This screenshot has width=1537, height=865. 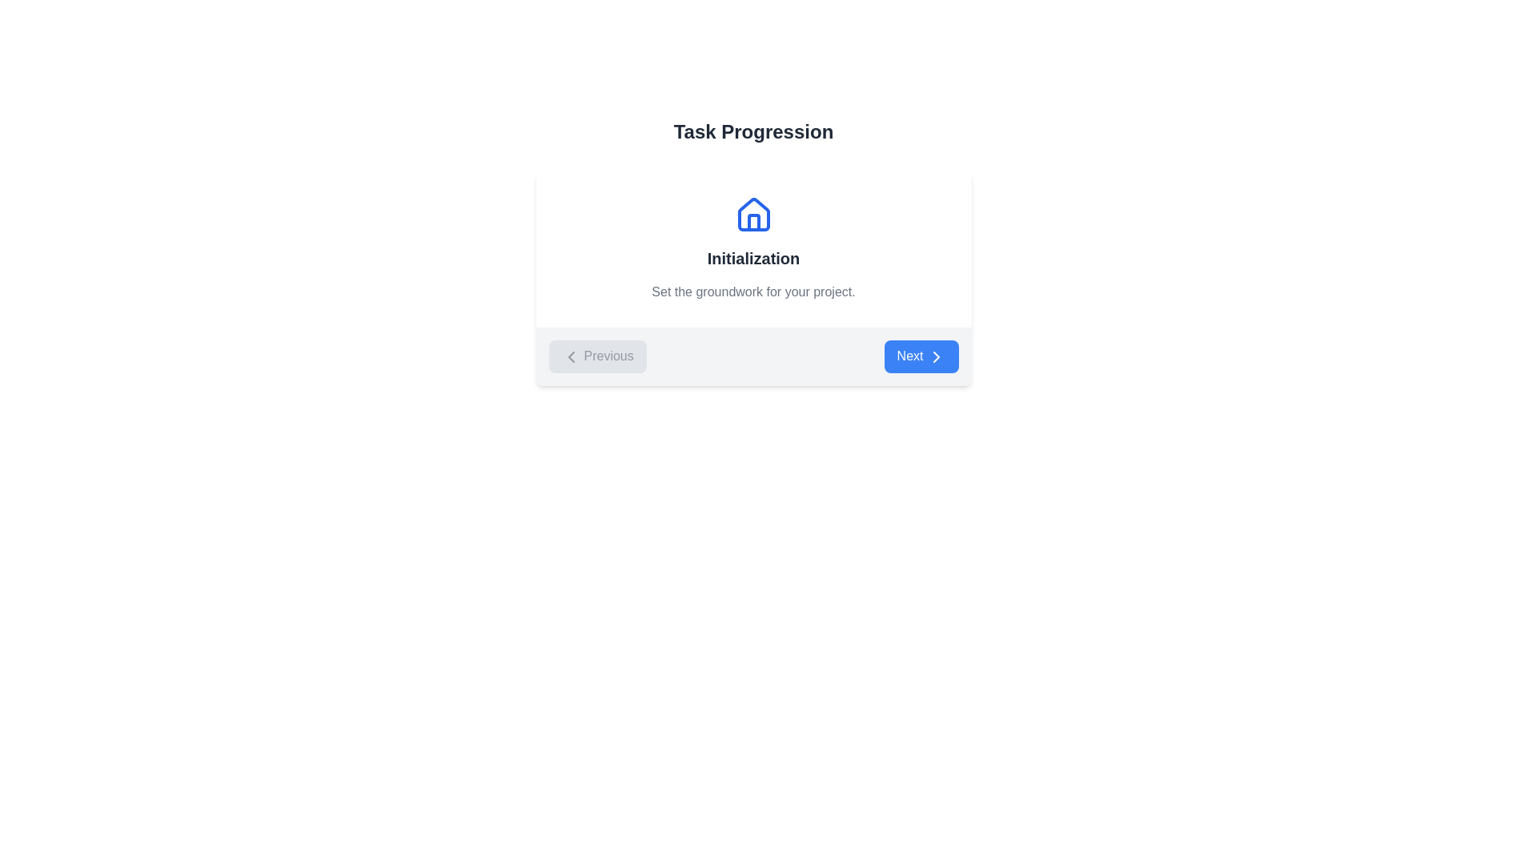 What do you see at coordinates (571, 356) in the screenshot?
I see `the leftward arrow icon representing the 'Previous' button's backward navigation function` at bounding box center [571, 356].